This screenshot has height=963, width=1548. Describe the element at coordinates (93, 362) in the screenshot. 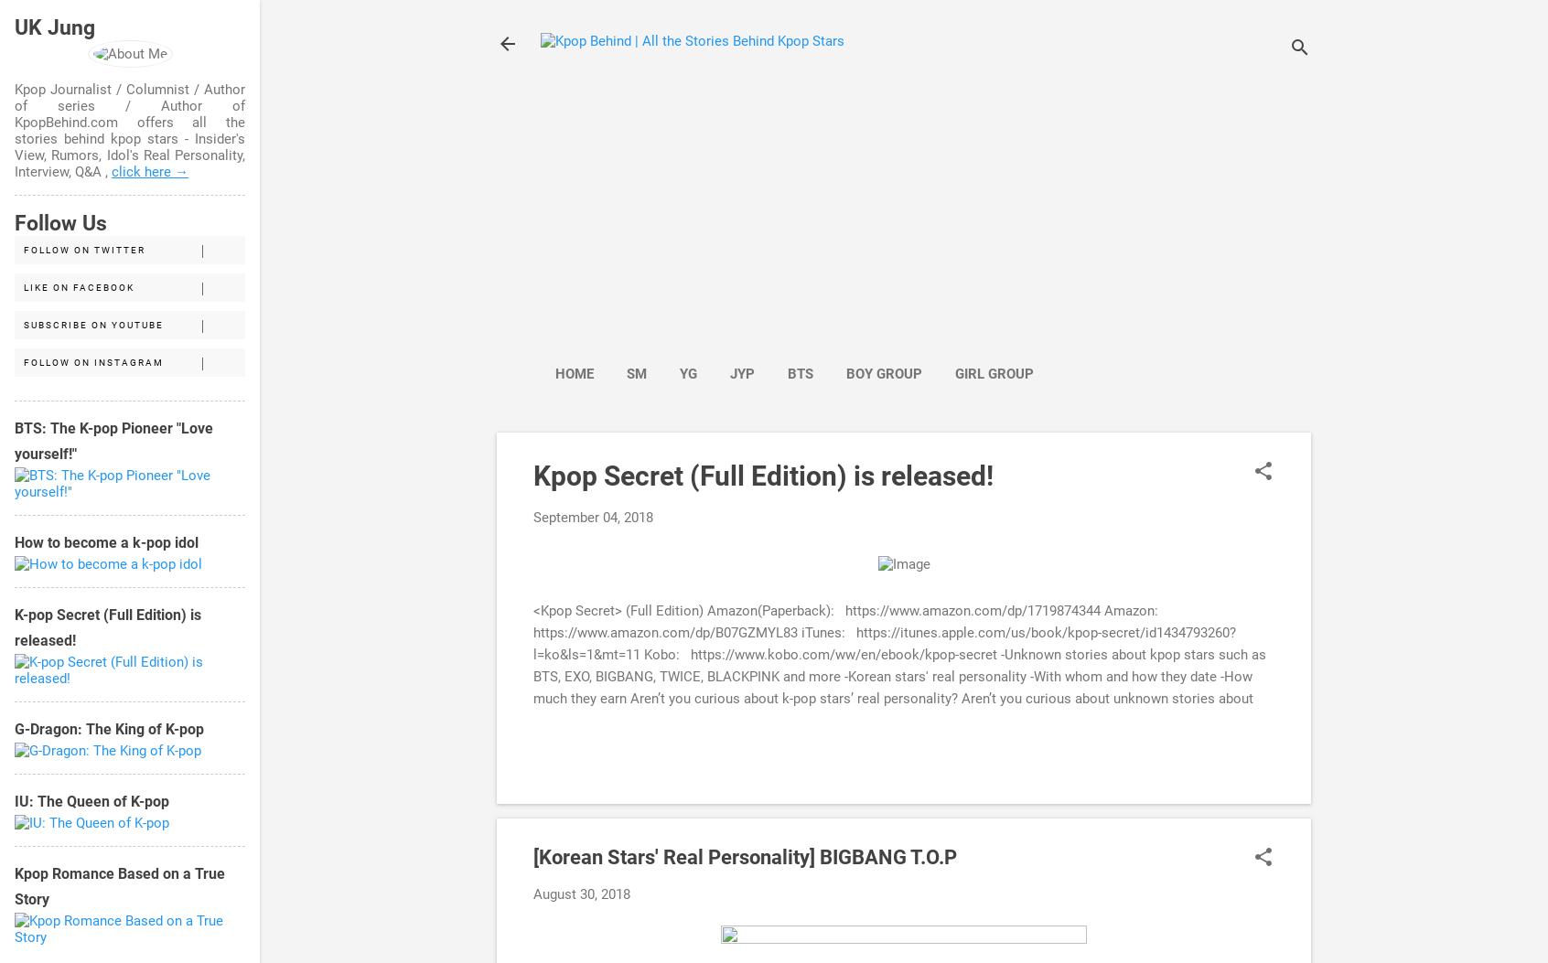

I see `'Follow on Instagram'` at that location.